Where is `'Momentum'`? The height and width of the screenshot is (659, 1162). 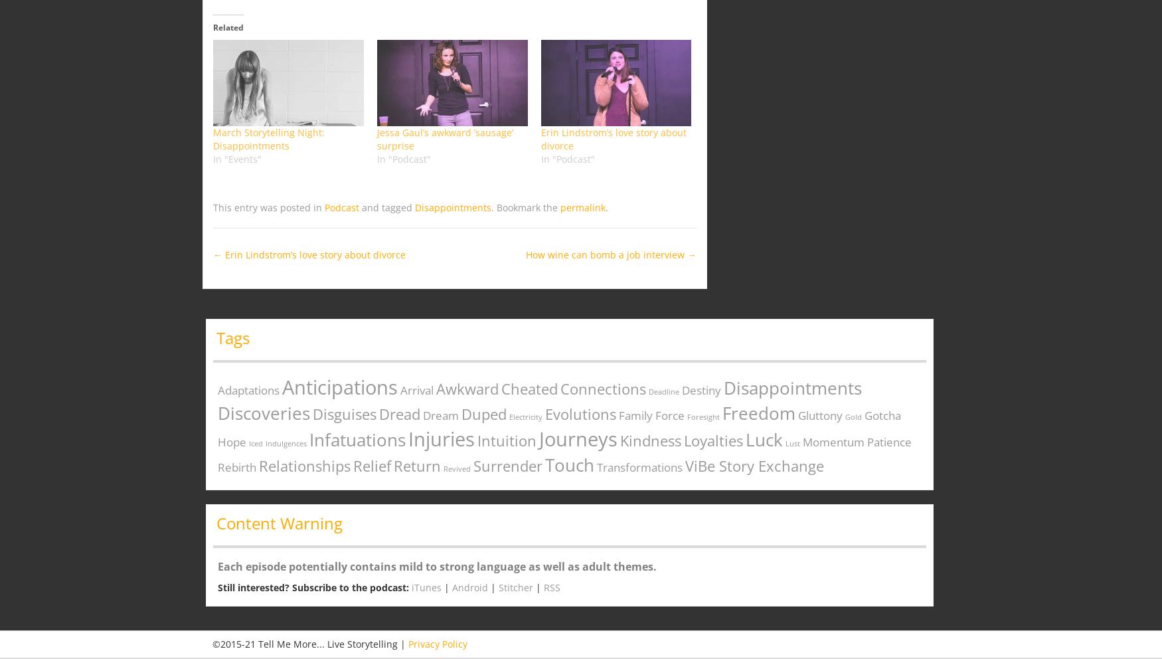 'Momentum' is located at coordinates (833, 441).